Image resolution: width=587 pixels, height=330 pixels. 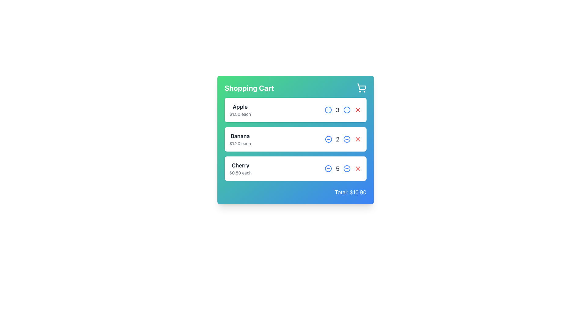 What do you see at coordinates (347, 168) in the screenshot?
I see `the SVG Circle representing the 'plus' symbol for the product 'Cherry' in the shopping cart interface, which has a thin stroke and no fill` at bounding box center [347, 168].